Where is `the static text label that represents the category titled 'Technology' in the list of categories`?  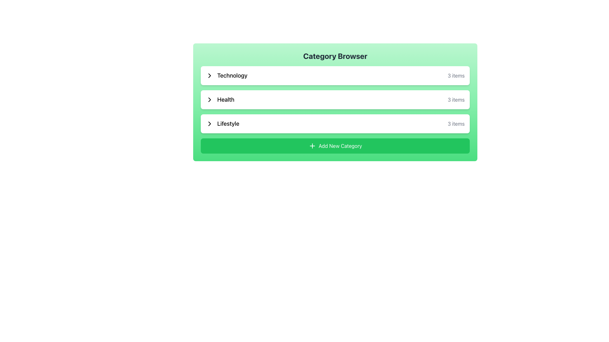
the static text label that represents the category titled 'Technology' in the list of categories is located at coordinates (232, 75).